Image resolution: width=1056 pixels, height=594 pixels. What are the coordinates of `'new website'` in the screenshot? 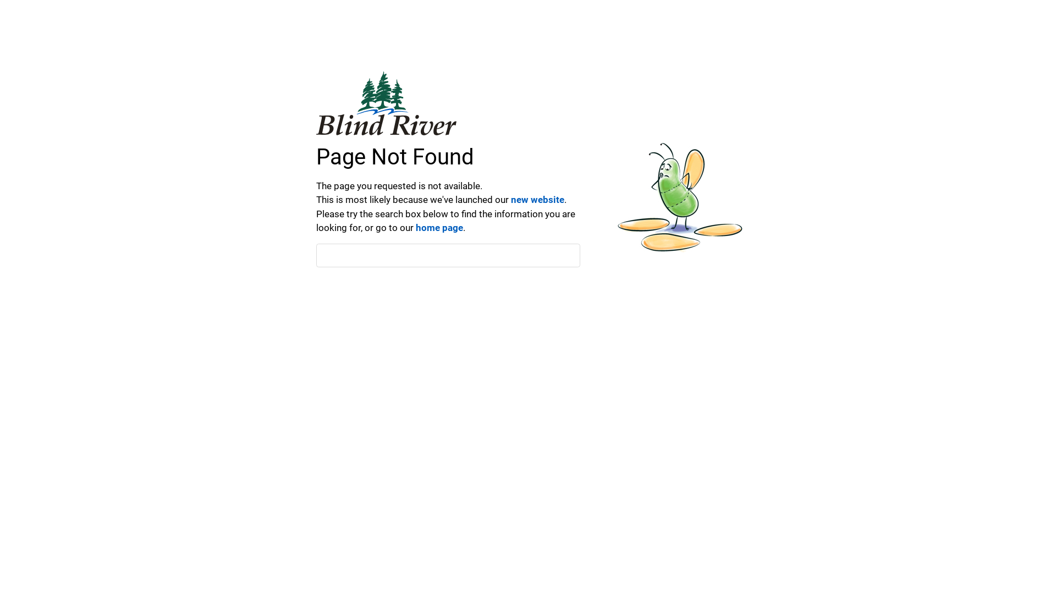 It's located at (537, 199).